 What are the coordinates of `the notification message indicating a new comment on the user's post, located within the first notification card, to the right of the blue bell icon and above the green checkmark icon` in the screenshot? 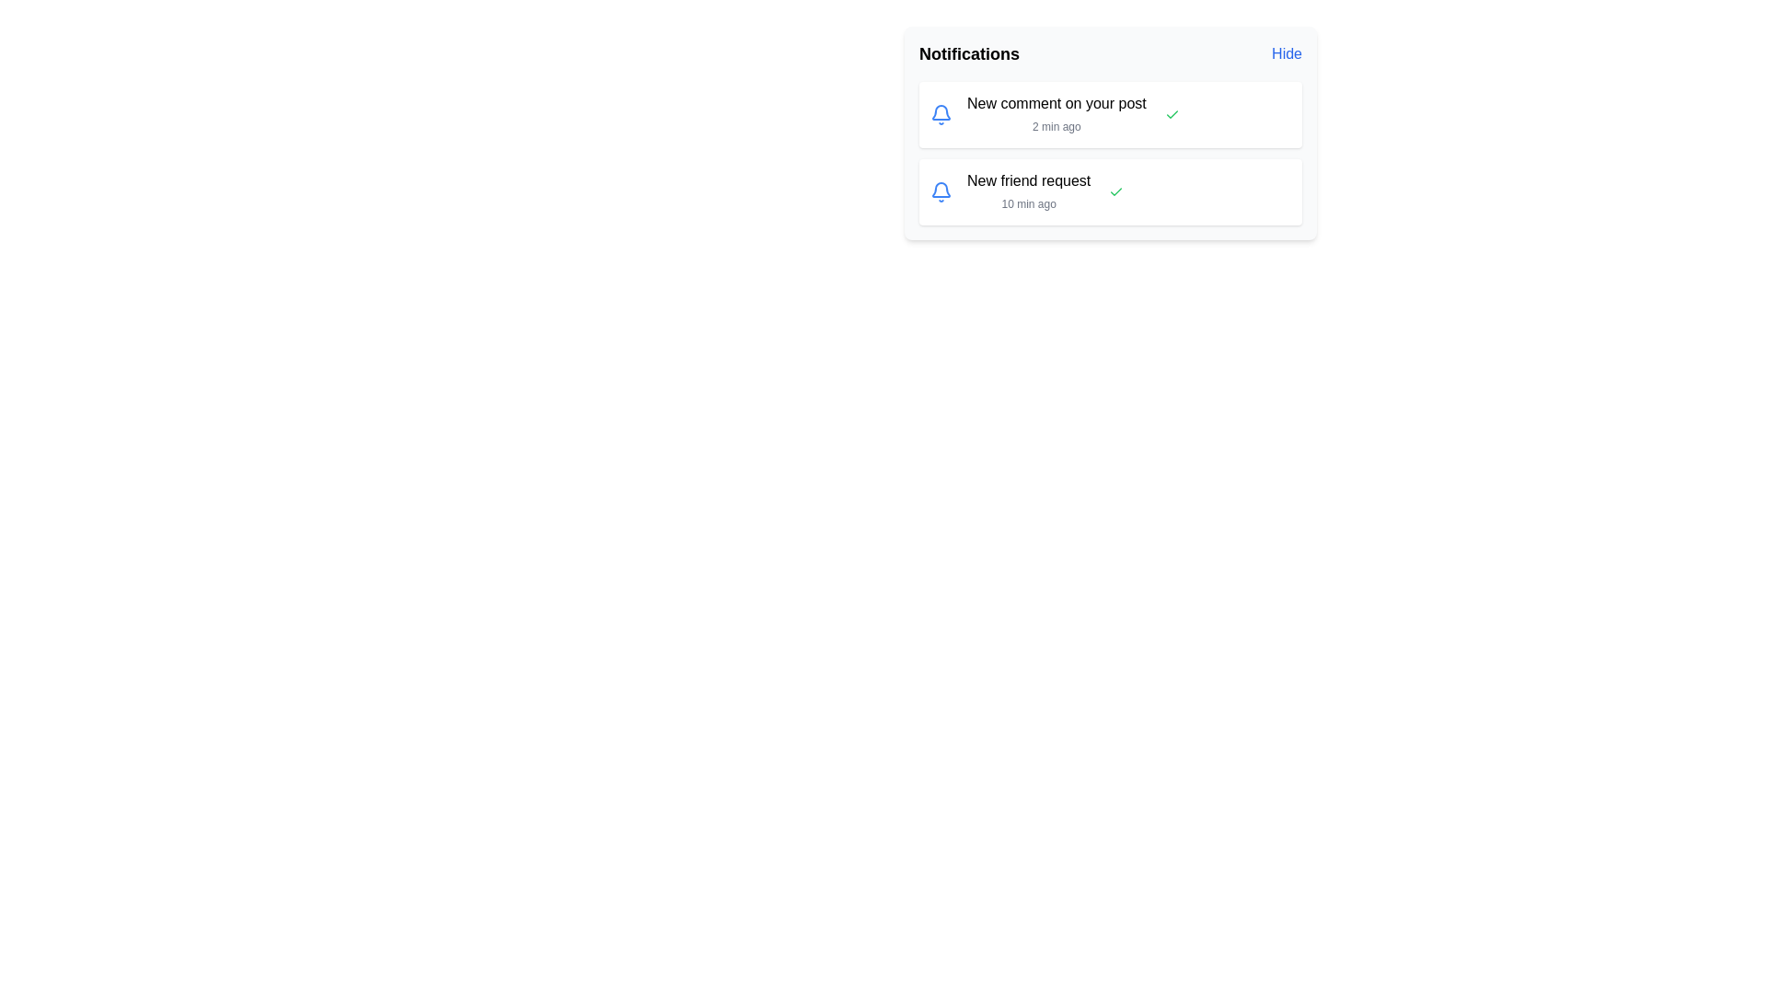 It's located at (1057, 114).